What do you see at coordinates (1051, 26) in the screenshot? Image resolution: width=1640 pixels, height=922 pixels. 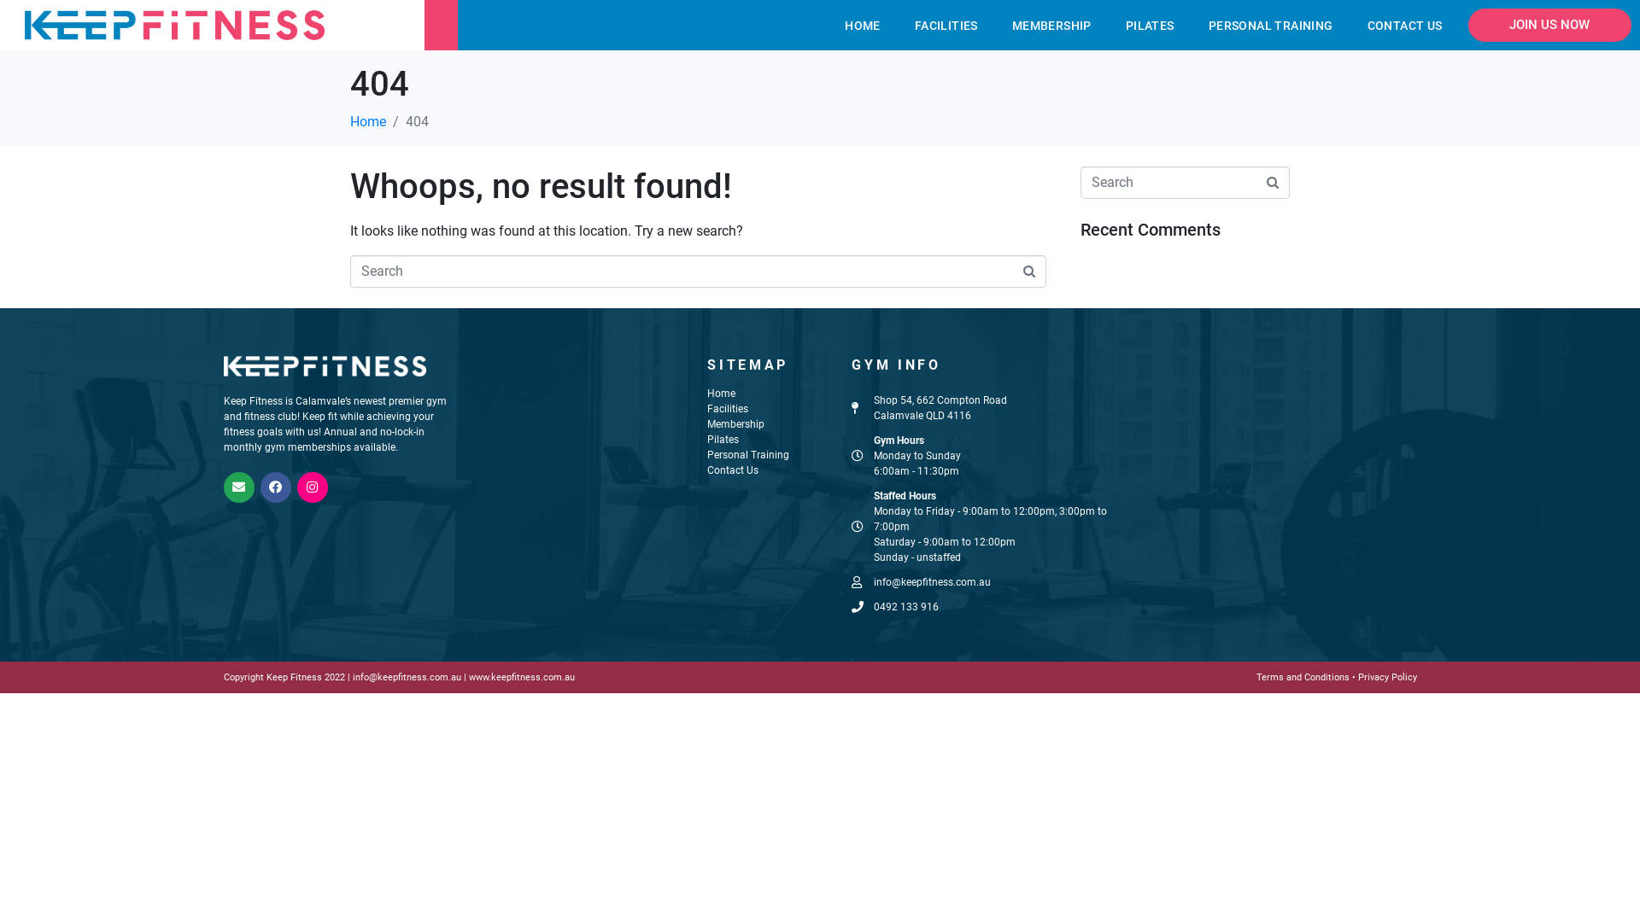 I see `'MEMBERSHIP'` at bounding box center [1051, 26].